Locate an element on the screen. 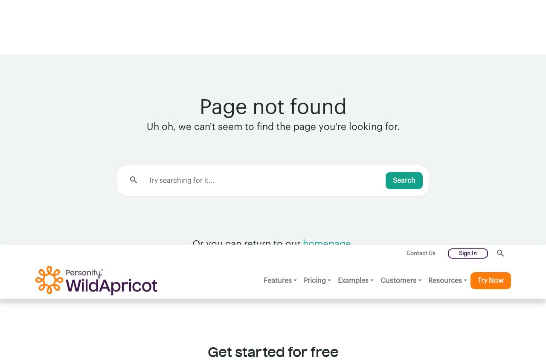  'Forums' is located at coordinates (241, 253).